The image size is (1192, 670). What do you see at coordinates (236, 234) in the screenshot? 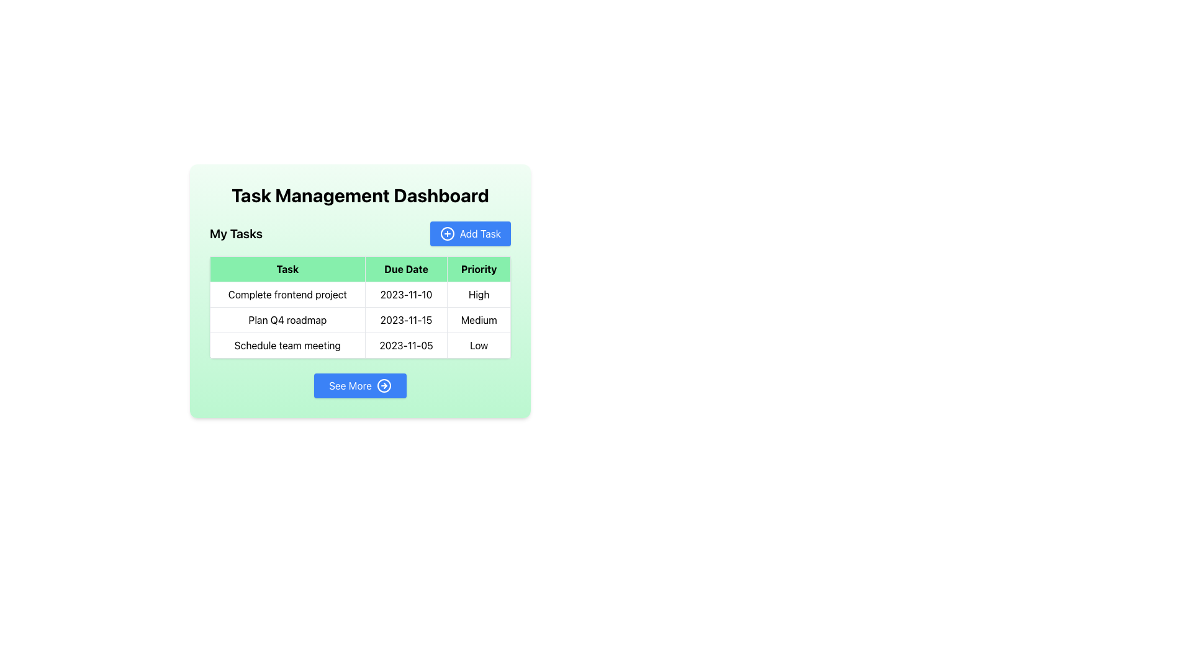
I see `the heading text labeled 'My Tasks' styled in large and bold font on a mint green background, located in the upper left of the dashboard interface` at bounding box center [236, 234].